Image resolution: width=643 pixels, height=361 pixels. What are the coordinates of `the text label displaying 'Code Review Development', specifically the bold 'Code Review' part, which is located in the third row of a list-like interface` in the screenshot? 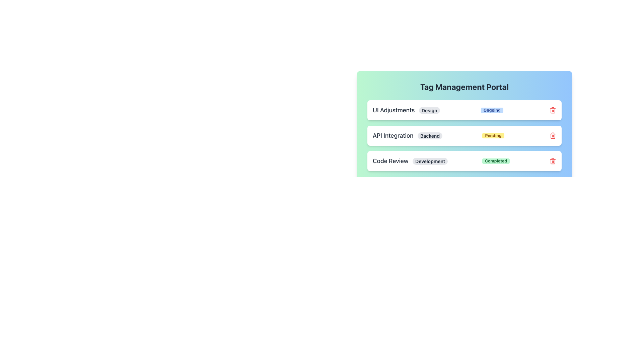 It's located at (410, 161).